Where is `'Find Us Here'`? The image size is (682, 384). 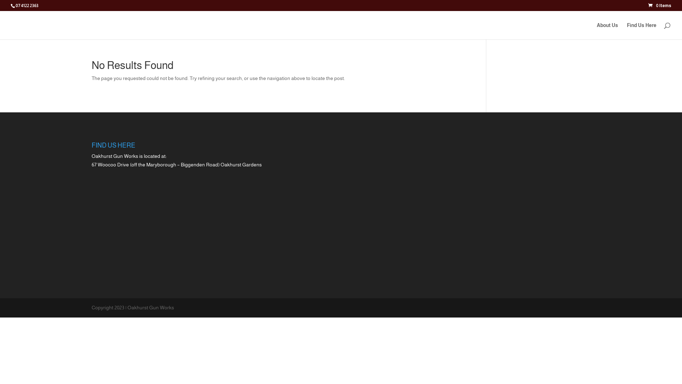
'Find Us Here' is located at coordinates (642, 31).